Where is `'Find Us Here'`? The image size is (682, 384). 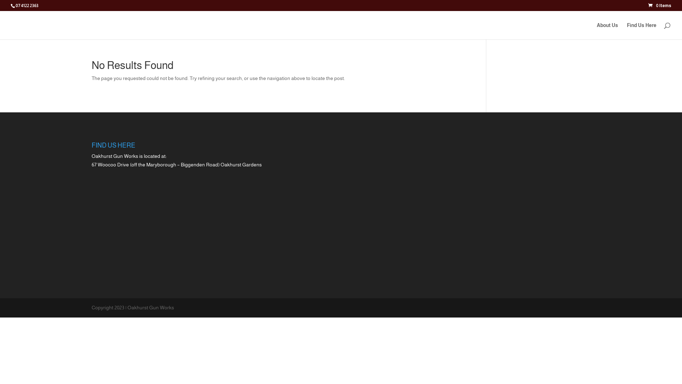
'Find Us Here' is located at coordinates (642, 31).